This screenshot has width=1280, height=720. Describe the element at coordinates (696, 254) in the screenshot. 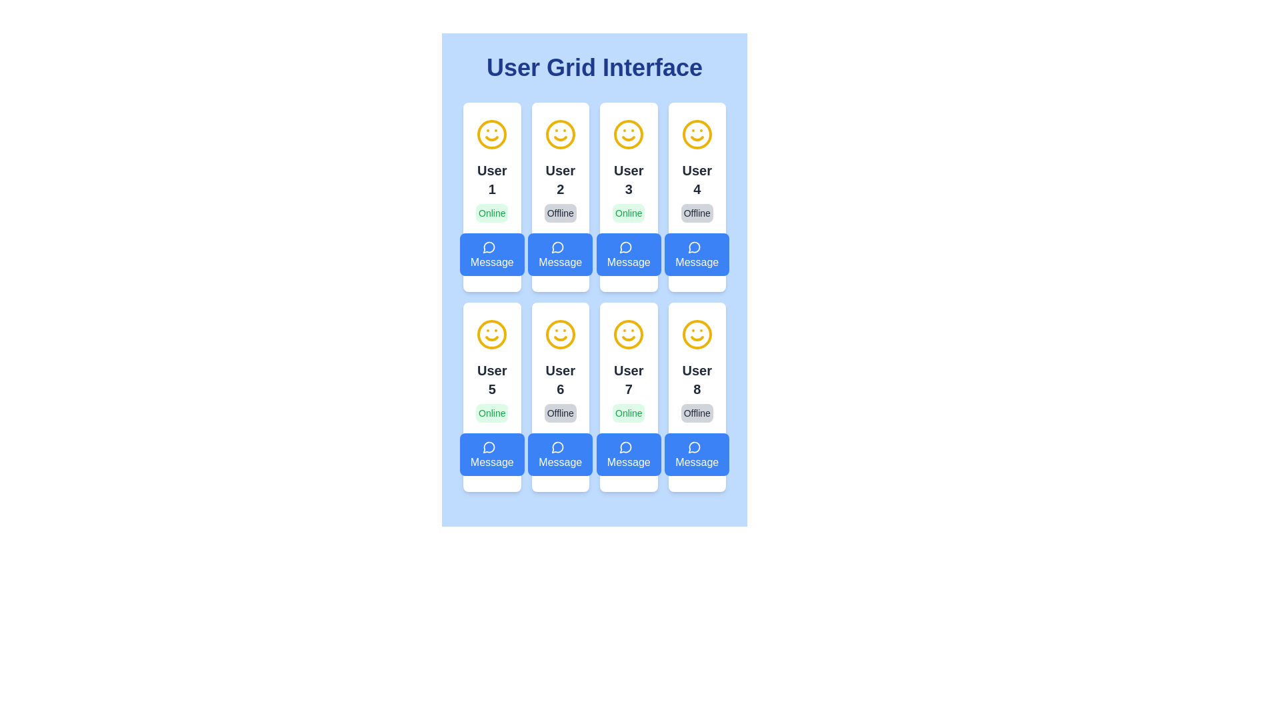

I see `the interactive button located at the bottom of the card representing 'User 4' to send a message` at that location.